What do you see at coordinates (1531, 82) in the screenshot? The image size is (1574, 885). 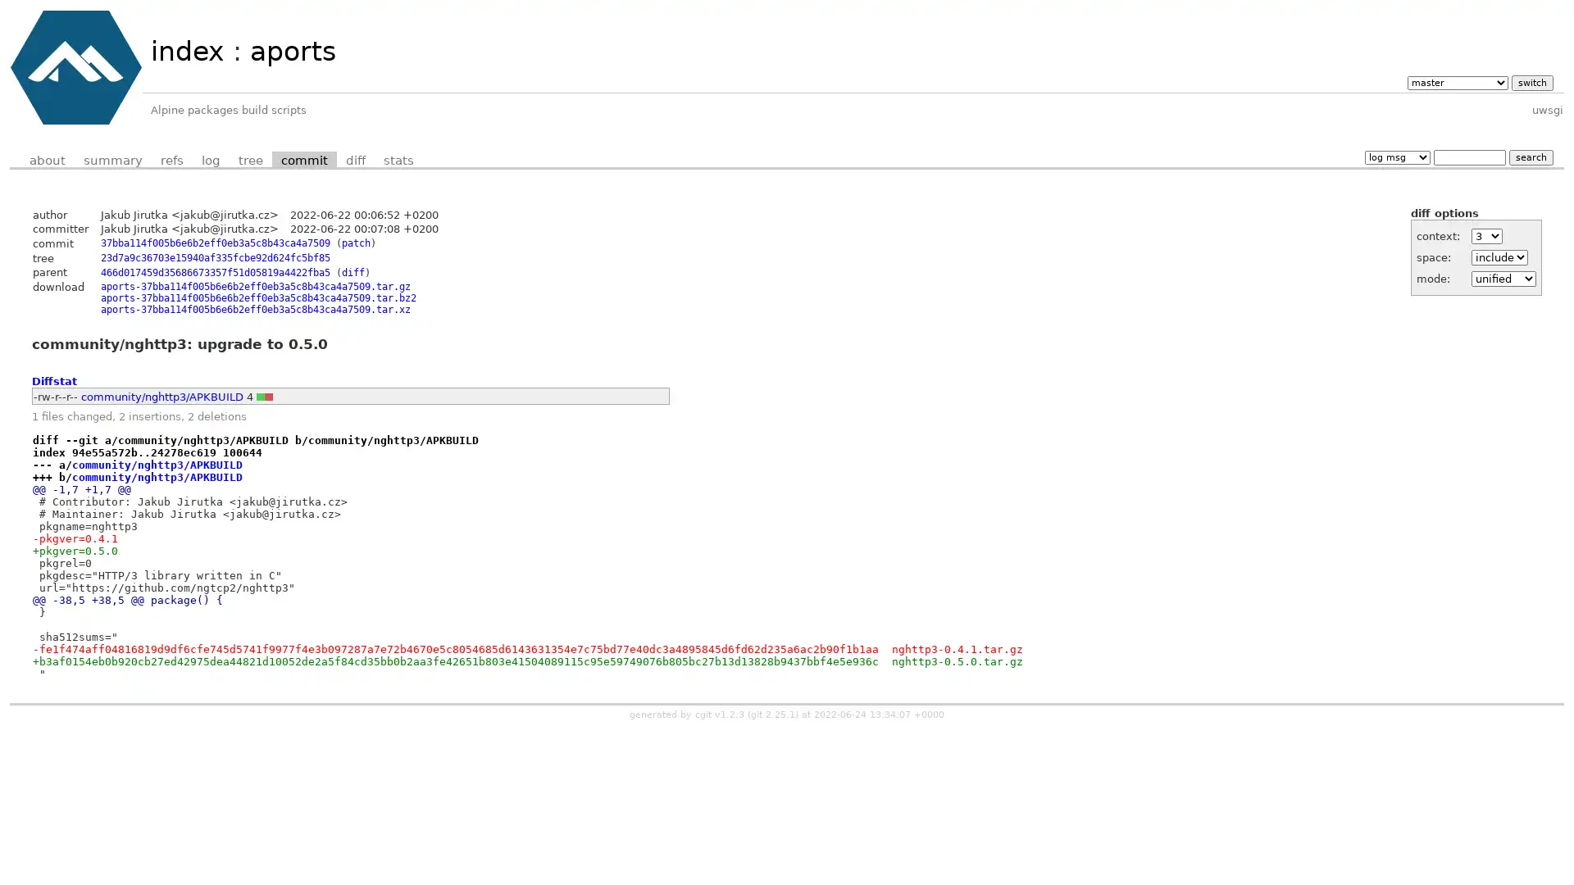 I see `switch` at bounding box center [1531, 82].